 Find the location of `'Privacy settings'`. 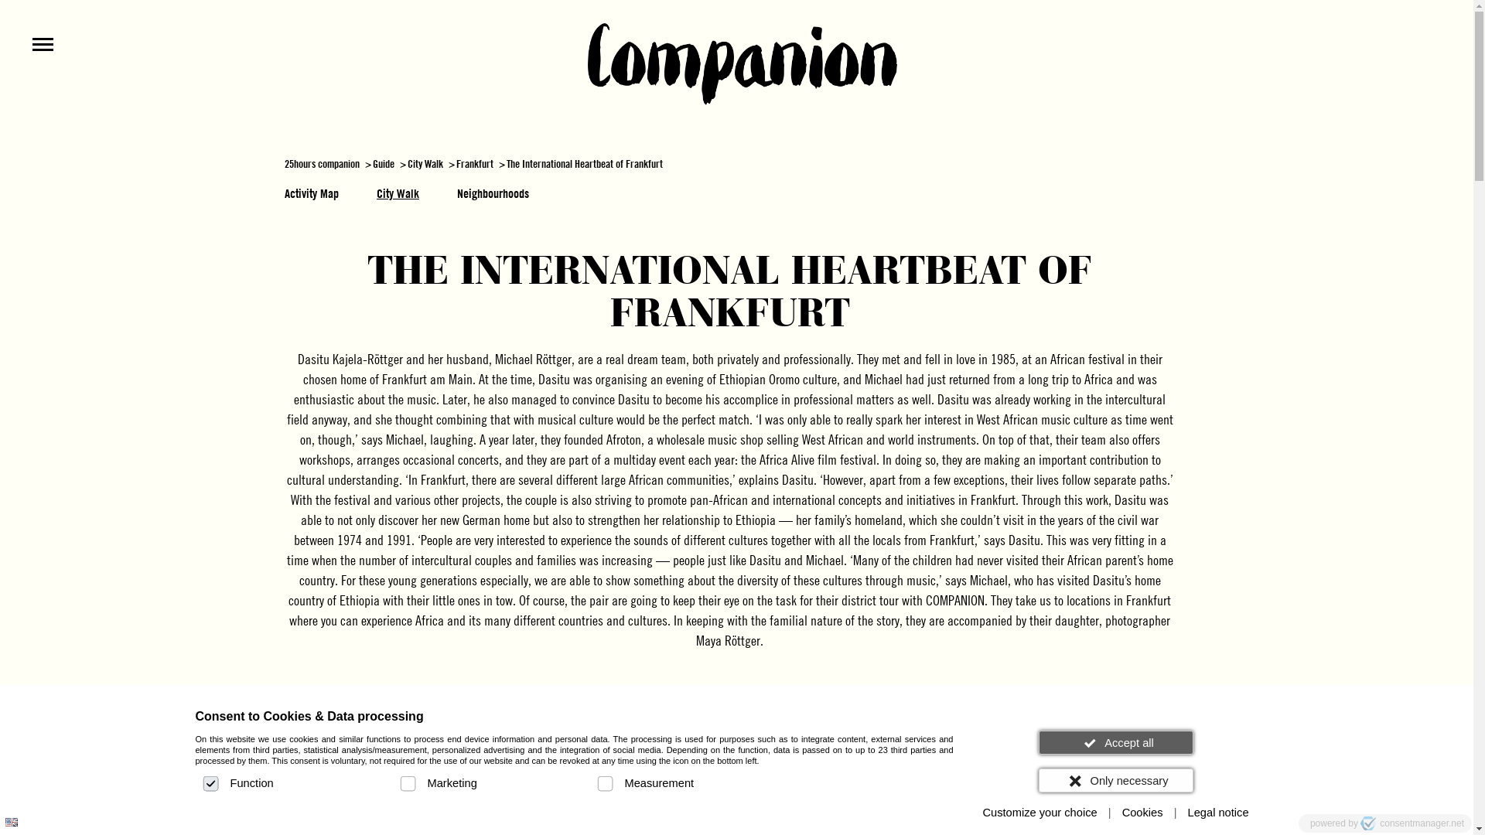

'Privacy settings' is located at coordinates (18, 816).